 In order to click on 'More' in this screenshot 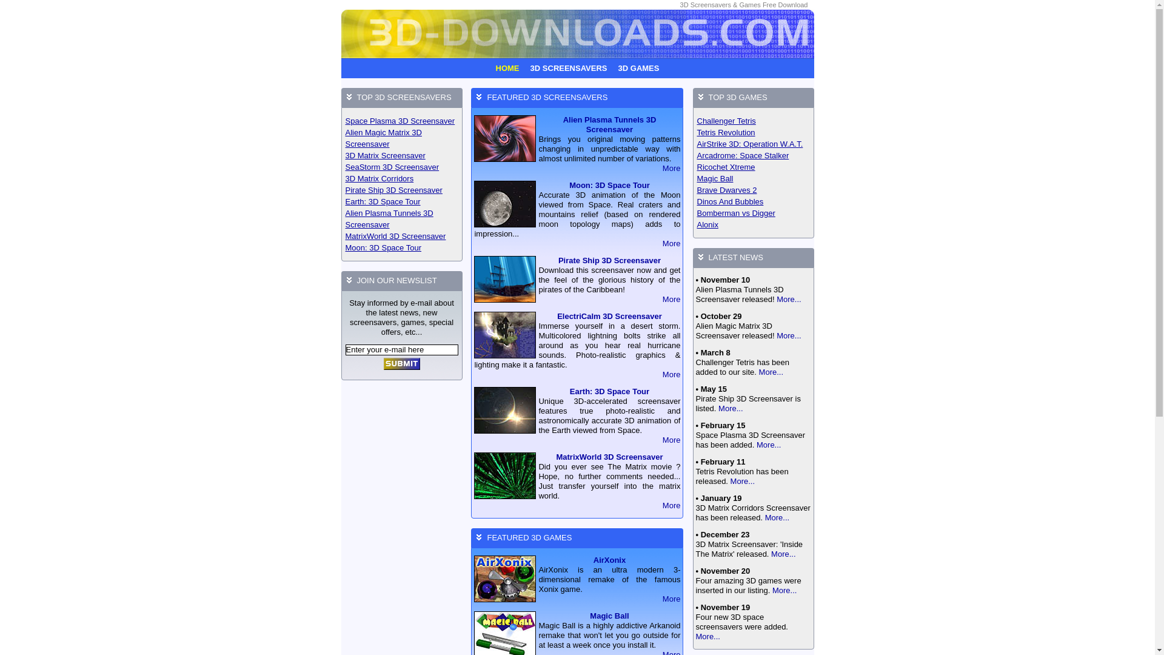, I will do `click(671, 168)`.